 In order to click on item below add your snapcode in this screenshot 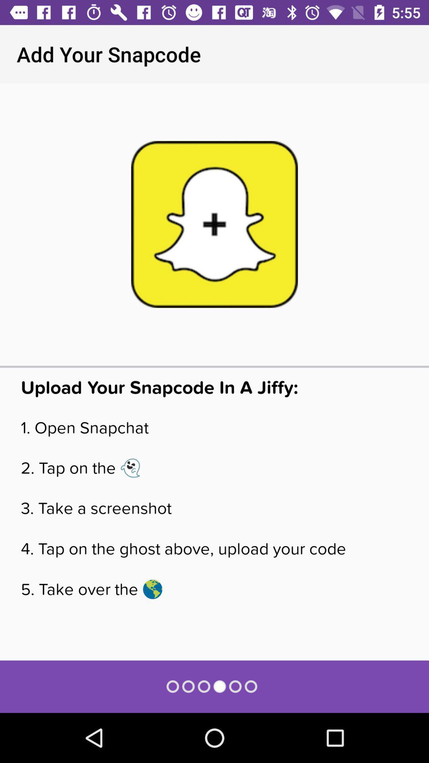, I will do `click(214, 224)`.